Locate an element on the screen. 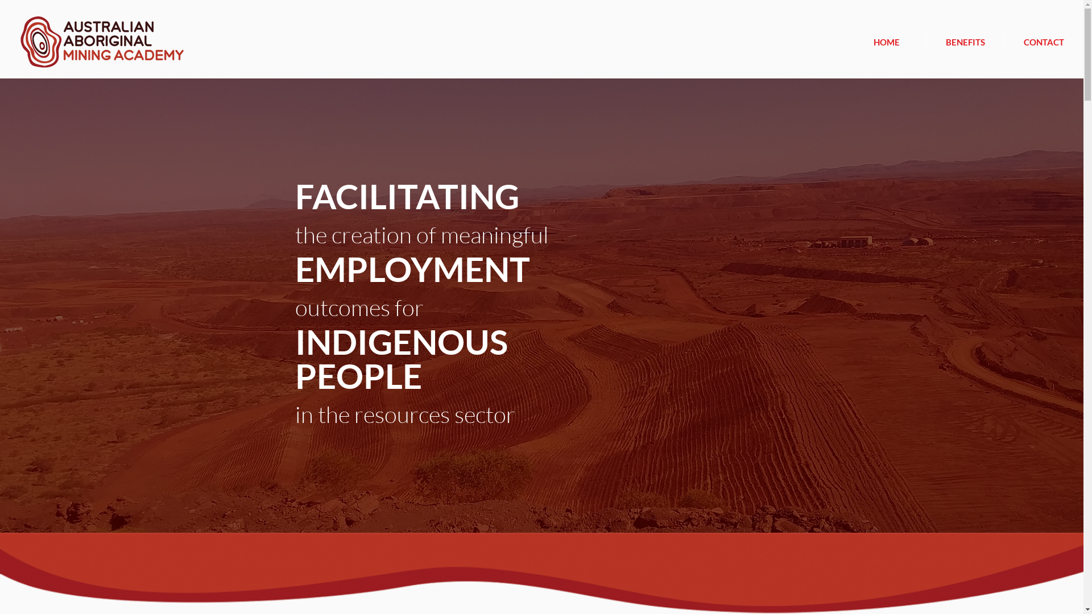 This screenshot has height=614, width=1092. 'BENEFITS' is located at coordinates (965, 41).